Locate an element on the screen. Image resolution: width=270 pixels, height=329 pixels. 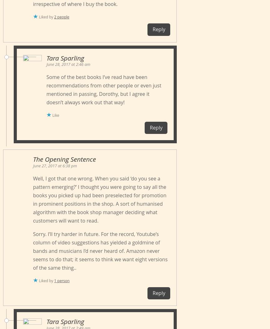
'Well, I got that one wrong. When you said ‘do you see a pattern emerging?’ I thought you were going to say all the books you picked up had been preselected for promotion in prominent positions in the shop. A sort of humanised algorithm with the book shop manager deciding what customers will want to read.' is located at coordinates (99, 199).